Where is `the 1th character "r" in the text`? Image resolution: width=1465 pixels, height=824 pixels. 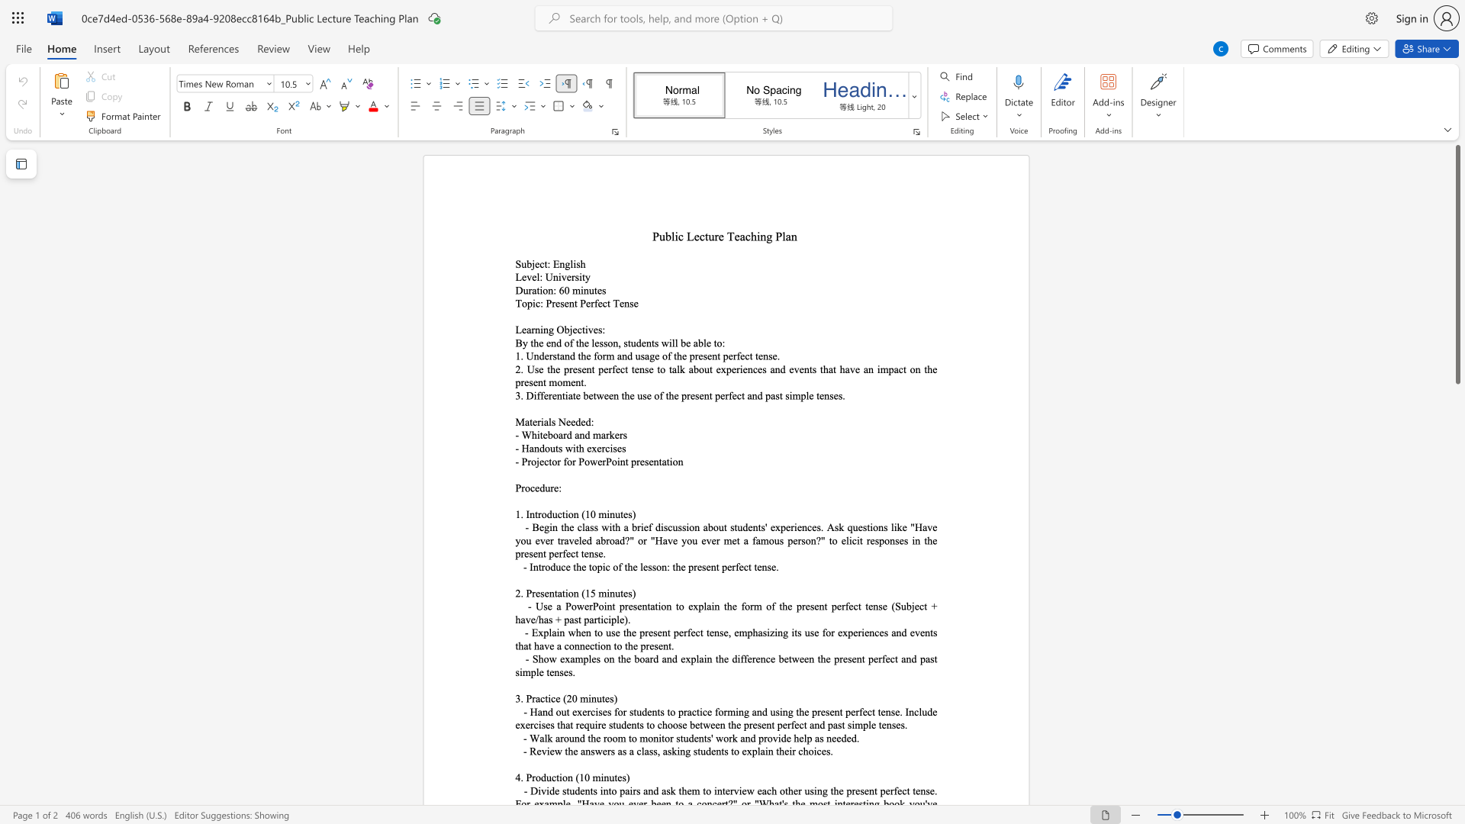 the 1th character "r" in the text is located at coordinates (550, 356).